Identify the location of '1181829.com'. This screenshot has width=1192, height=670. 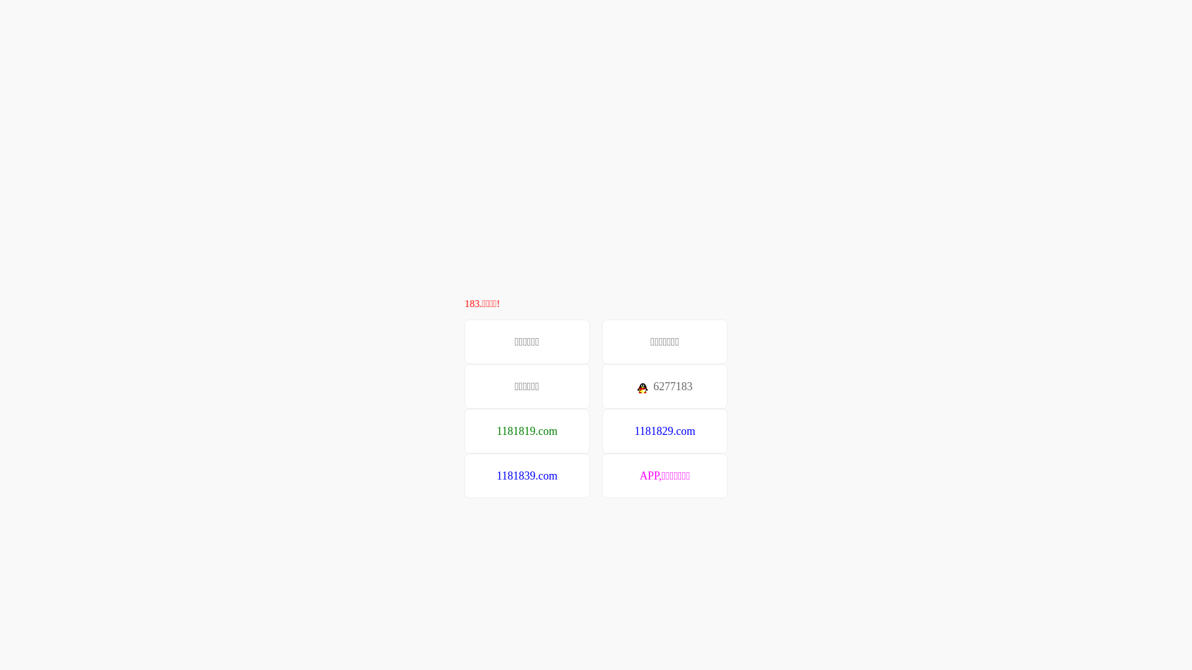
(664, 430).